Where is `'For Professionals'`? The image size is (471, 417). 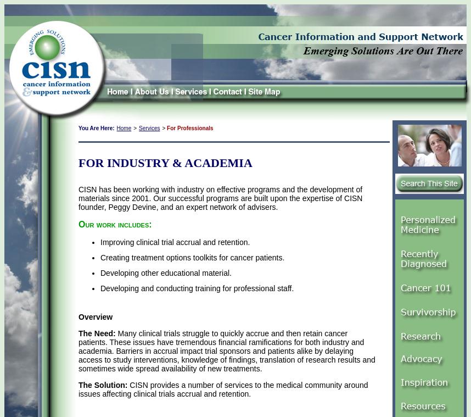
'For Professionals' is located at coordinates (190, 128).